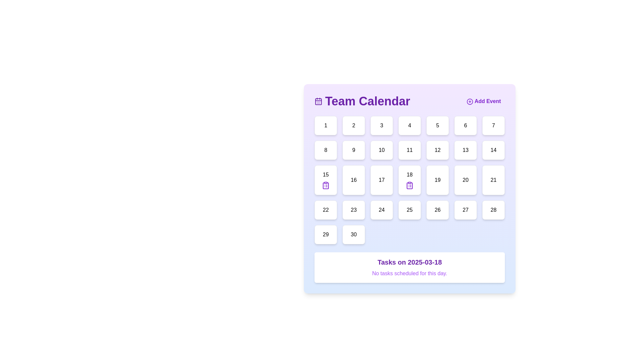 The width and height of the screenshot is (639, 359). I want to click on information displayed in the feedback panel summarizing tasks for March 18th, 2025, which states there are no tasks scheduled, so click(409, 267).